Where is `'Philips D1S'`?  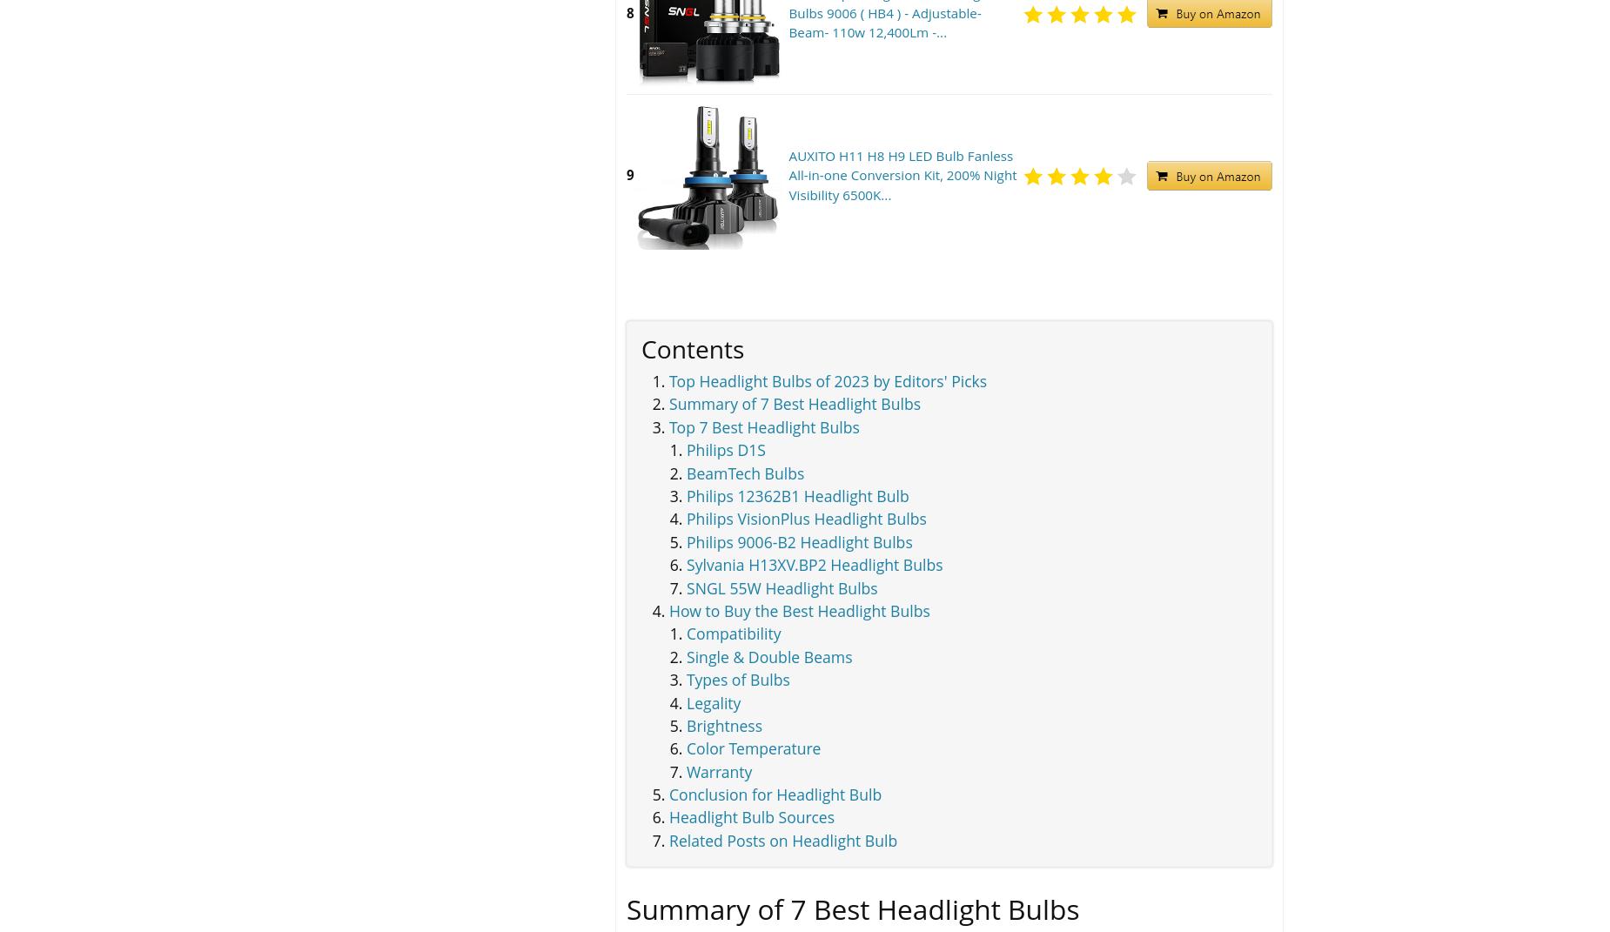 'Philips D1S' is located at coordinates (726, 448).